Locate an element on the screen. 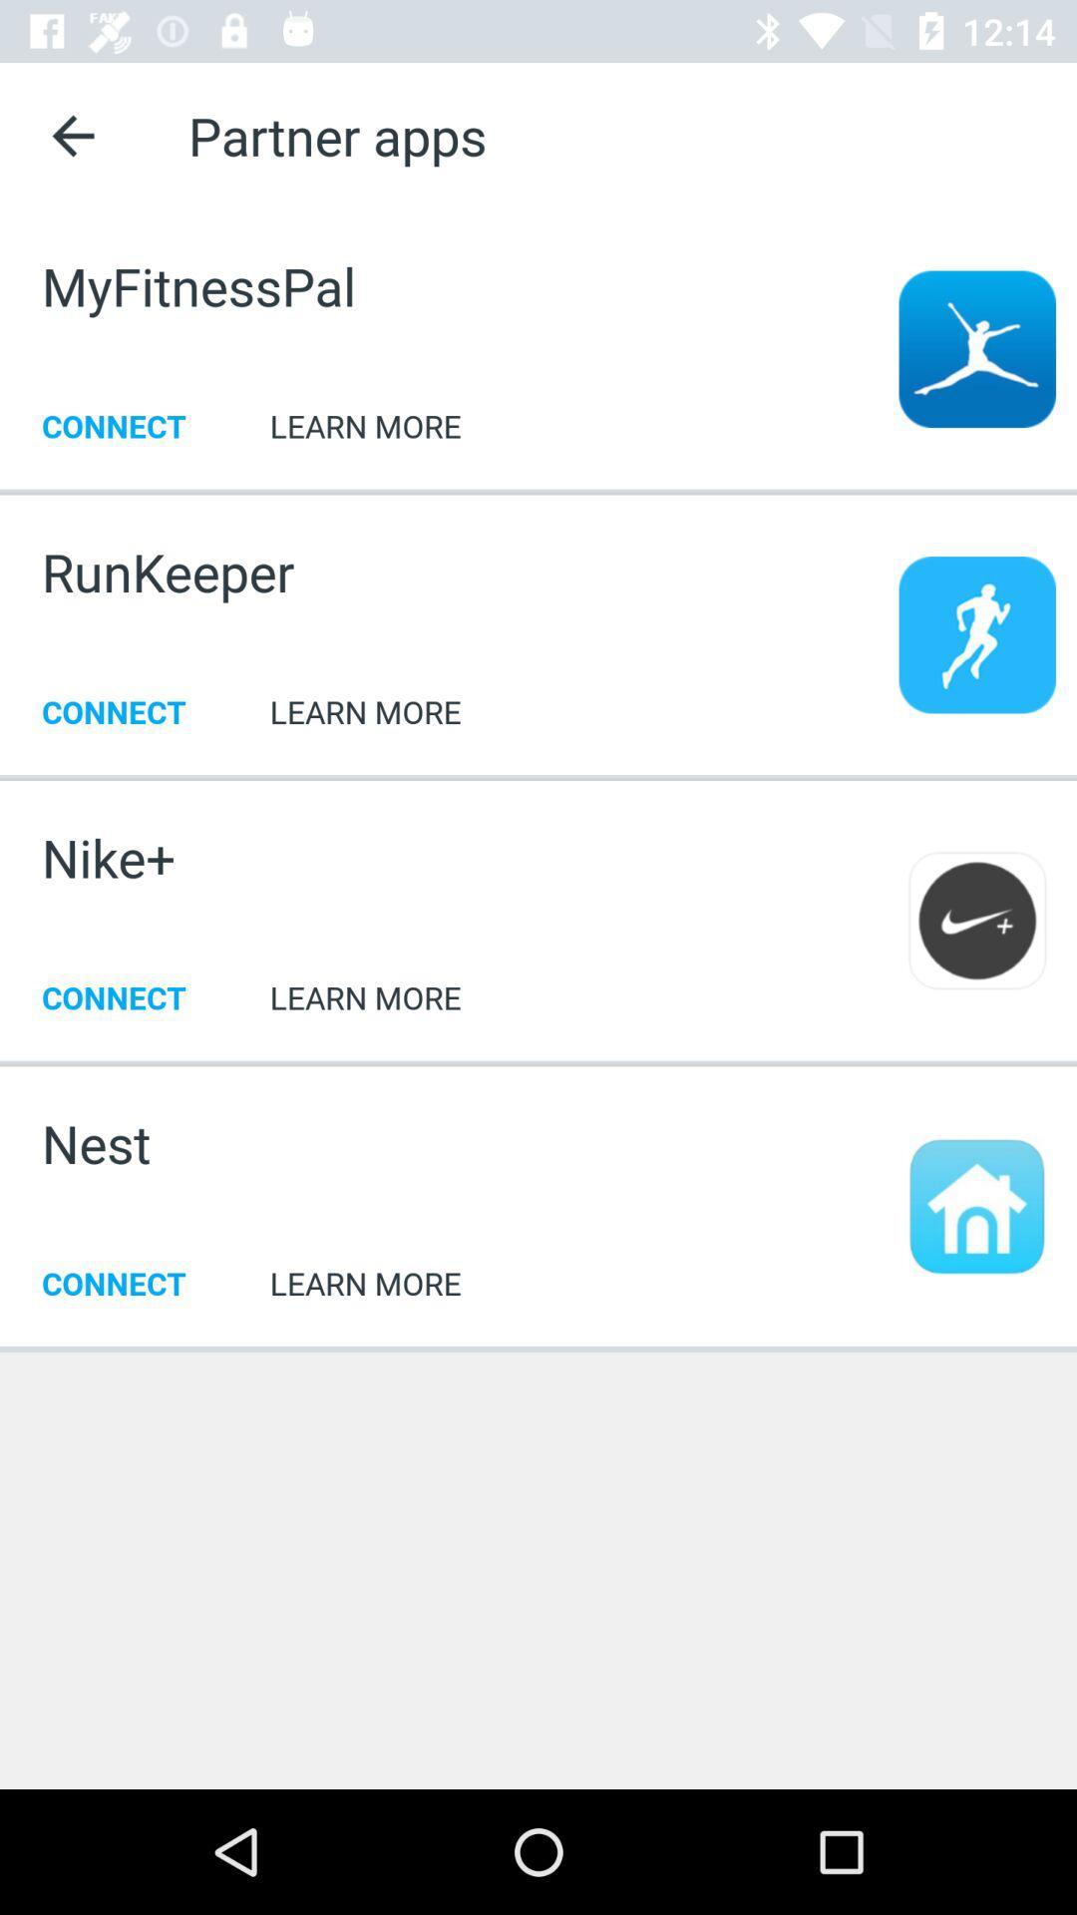 This screenshot has height=1915, width=1077. the item below connect item is located at coordinates (538, 1347).